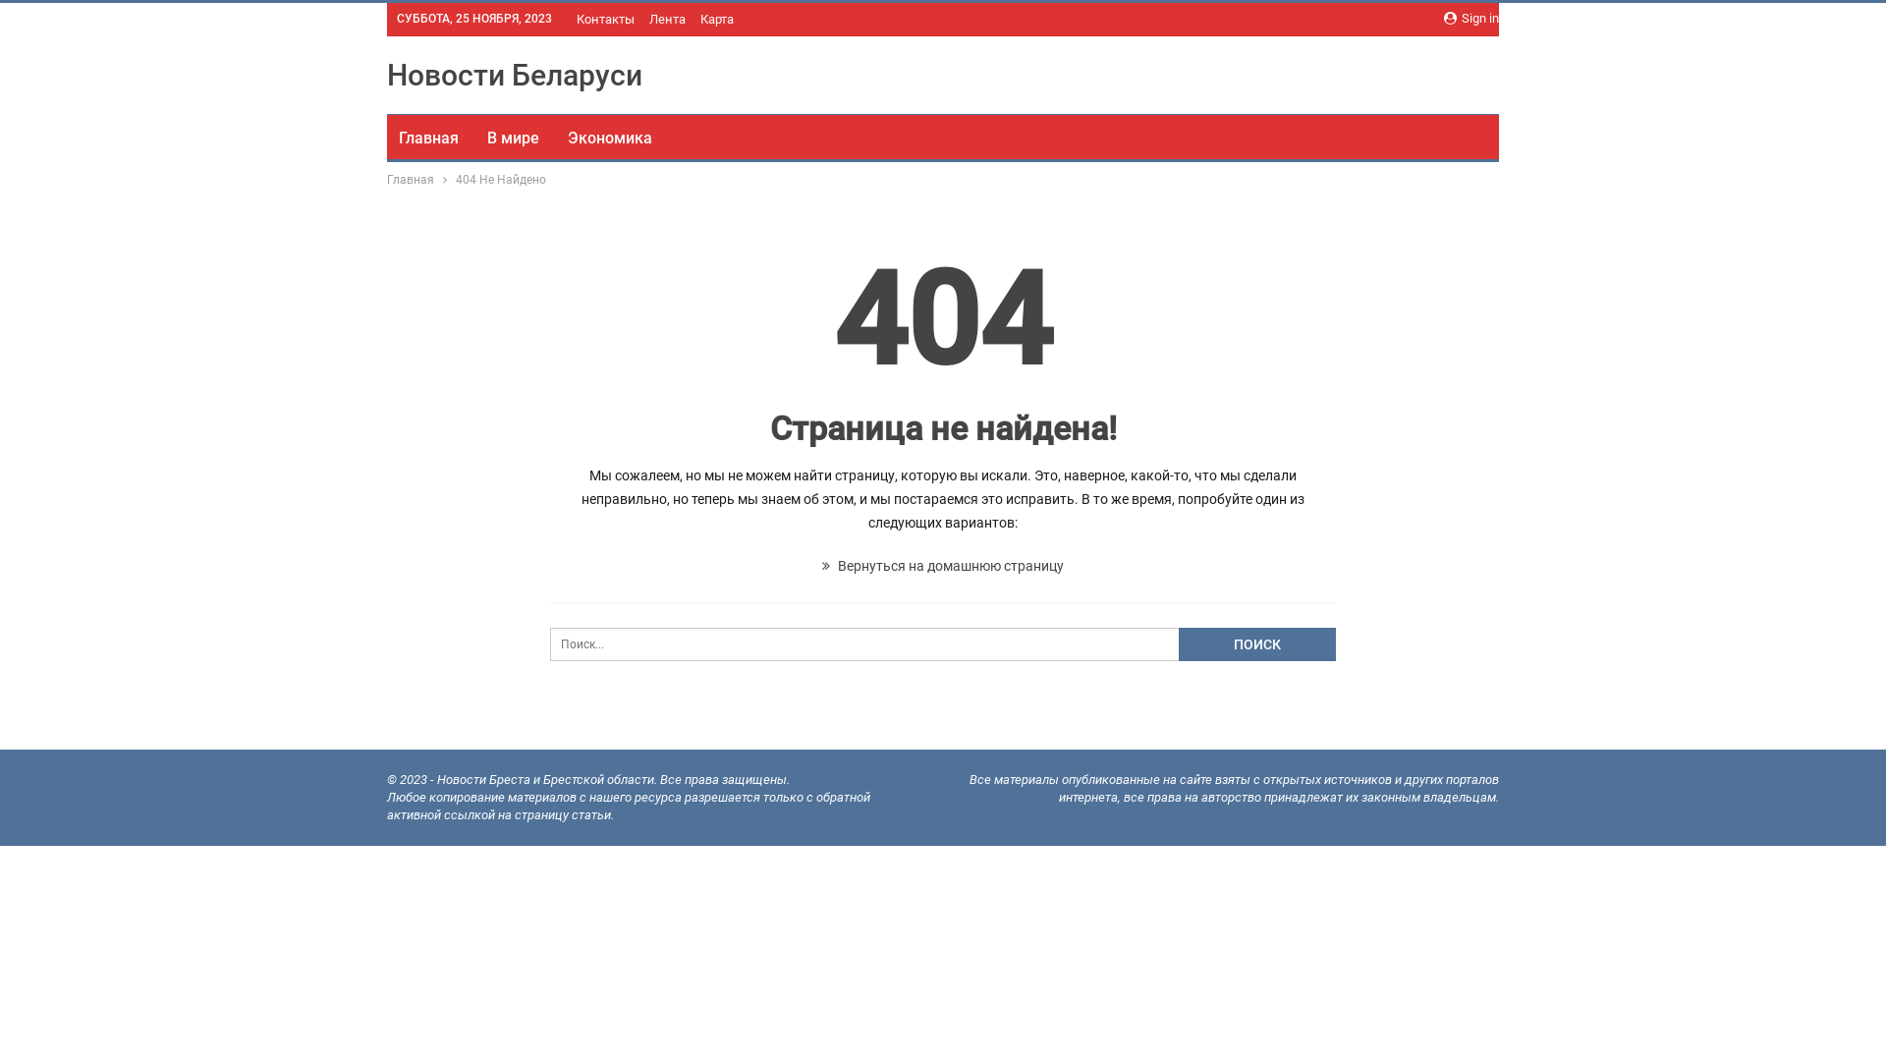 This screenshot has width=1886, height=1061. What do you see at coordinates (1470, 19) in the screenshot?
I see `'Sign in'` at bounding box center [1470, 19].